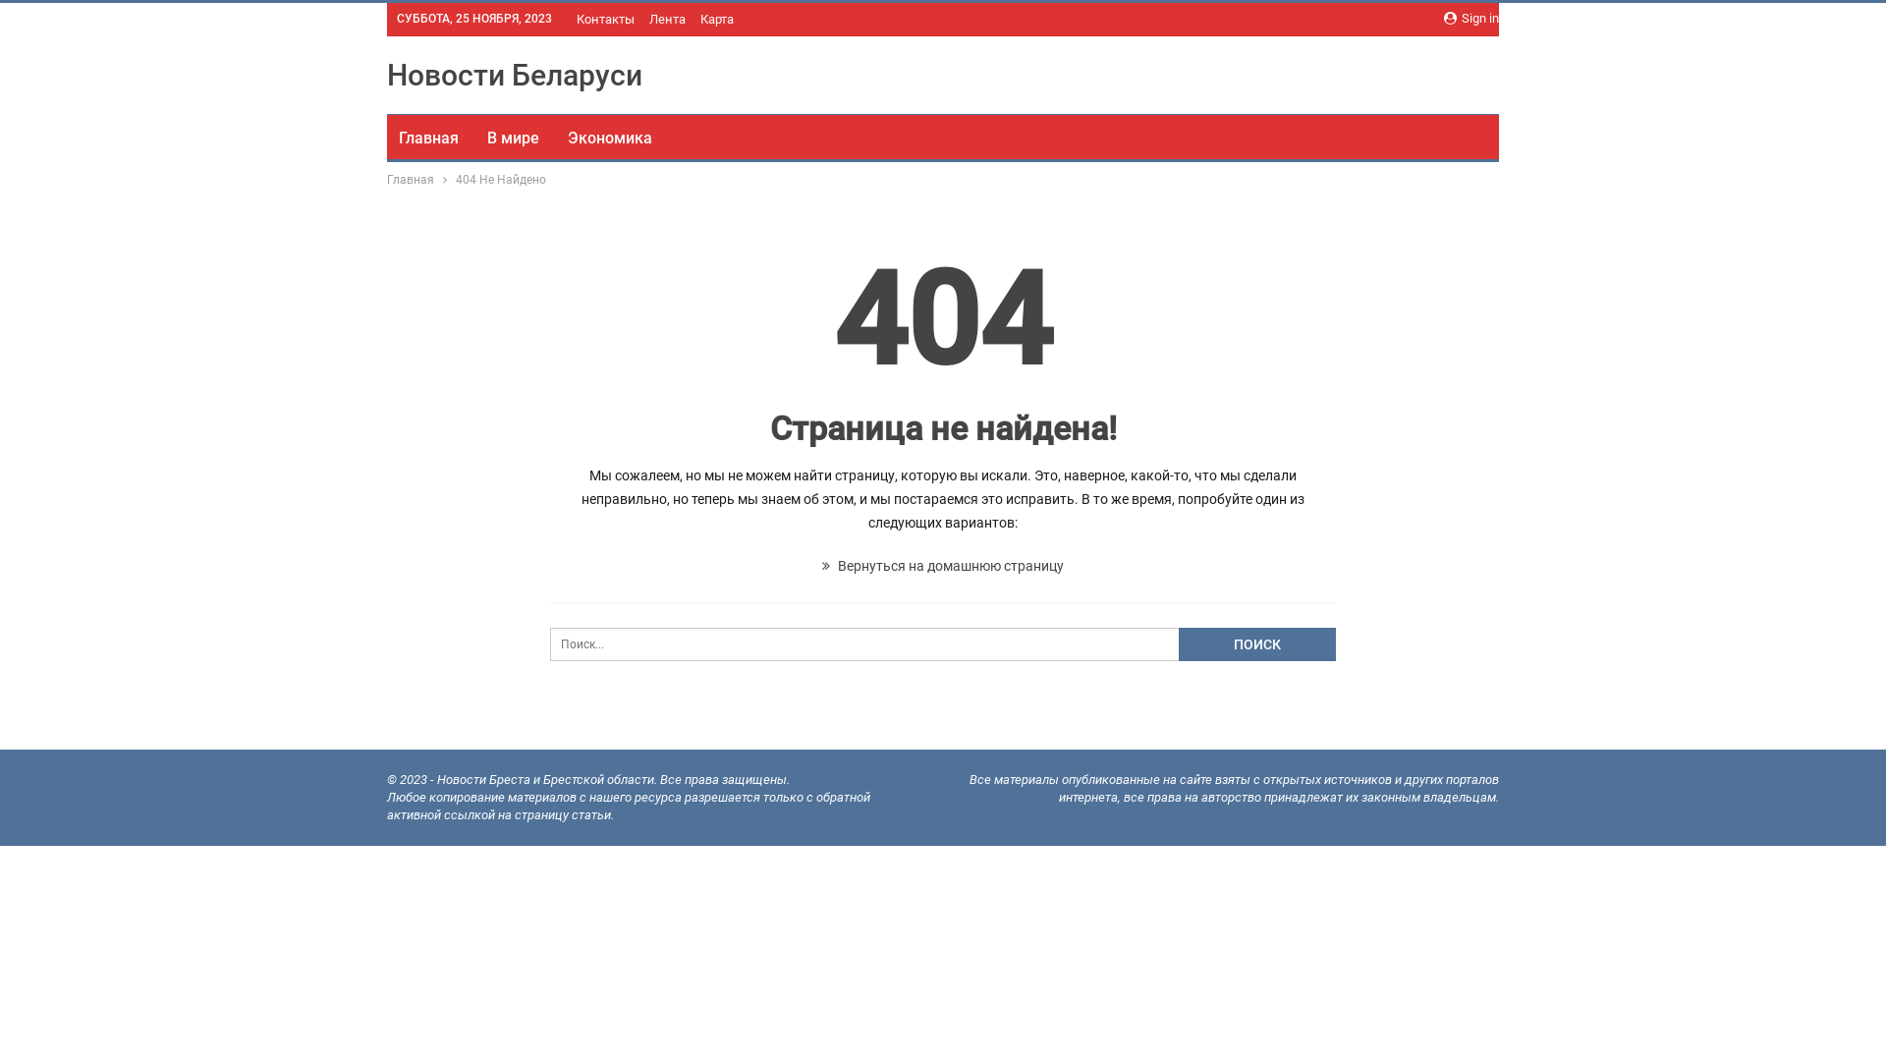 This screenshot has width=1886, height=1061. What do you see at coordinates (1470, 19) in the screenshot?
I see `'Sign in'` at bounding box center [1470, 19].